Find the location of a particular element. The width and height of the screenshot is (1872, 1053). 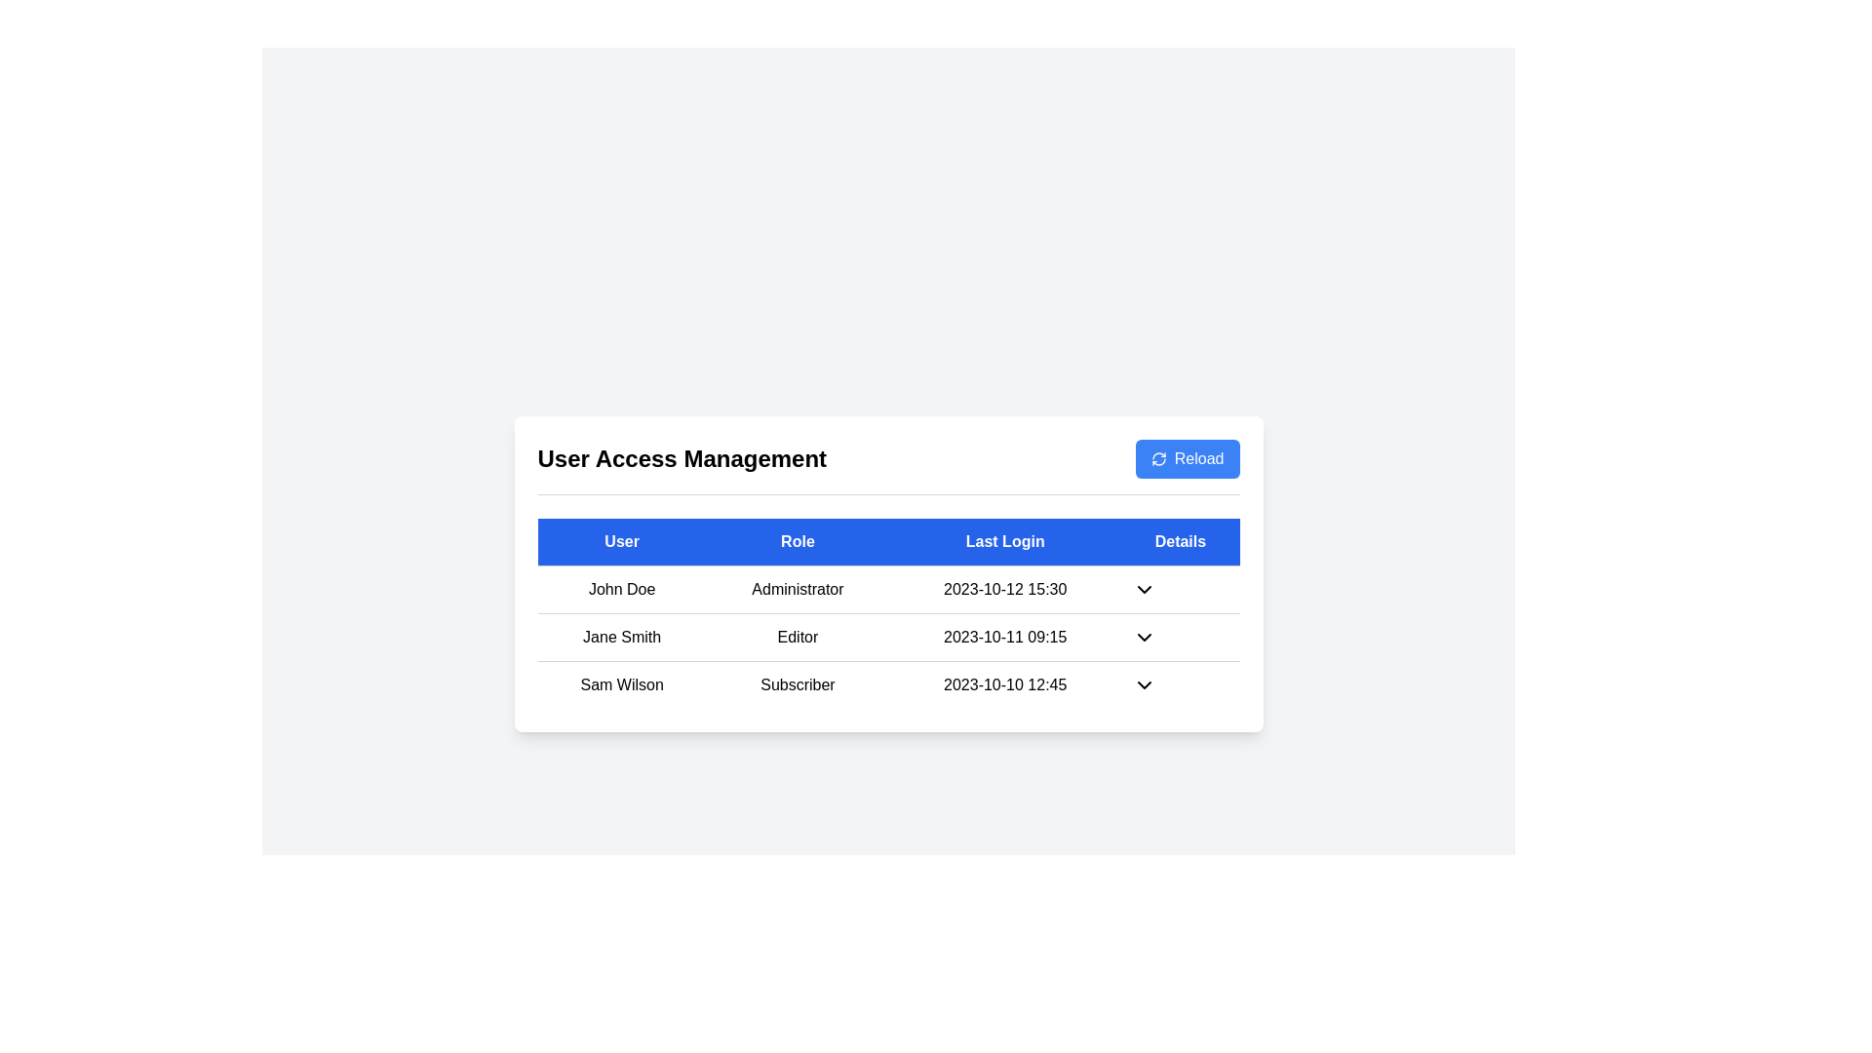

the reload icon located on the left side of the 'Reload' button is located at coordinates (1158, 458).